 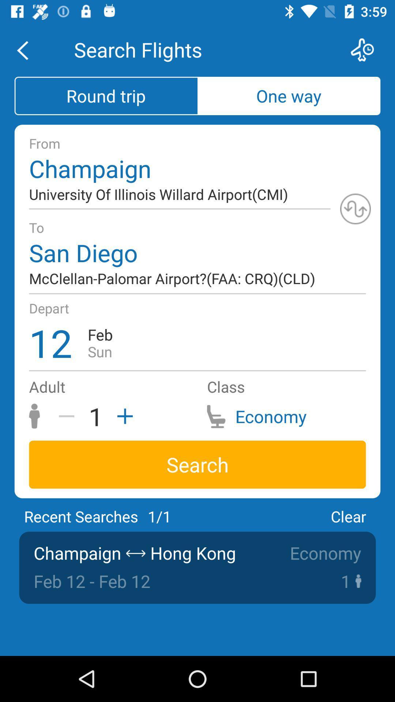 What do you see at coordinates (348, 516) in the screenshot?
I see `clear item` at bounding box center [348, 516].